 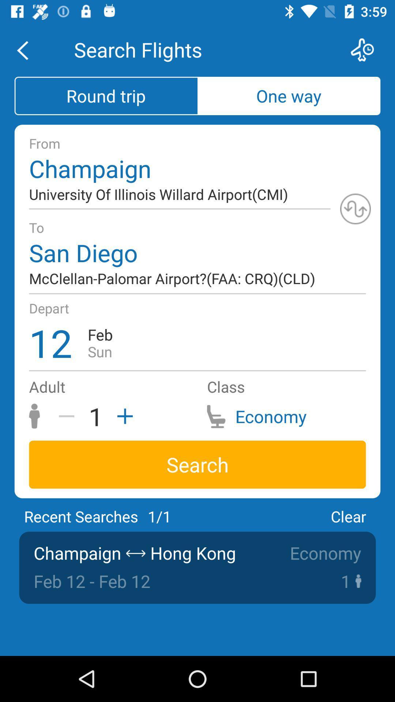 What do you see at coordinates (348, 516) in the screenshot?
I see `clear item` at bounding box center [348, 516].